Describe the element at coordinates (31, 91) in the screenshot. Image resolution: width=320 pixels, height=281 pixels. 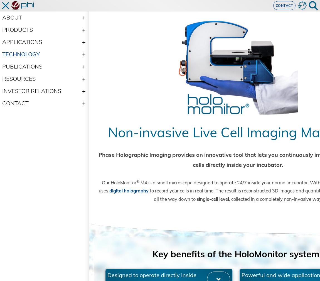
I see `'Investor Relations'` at that location.